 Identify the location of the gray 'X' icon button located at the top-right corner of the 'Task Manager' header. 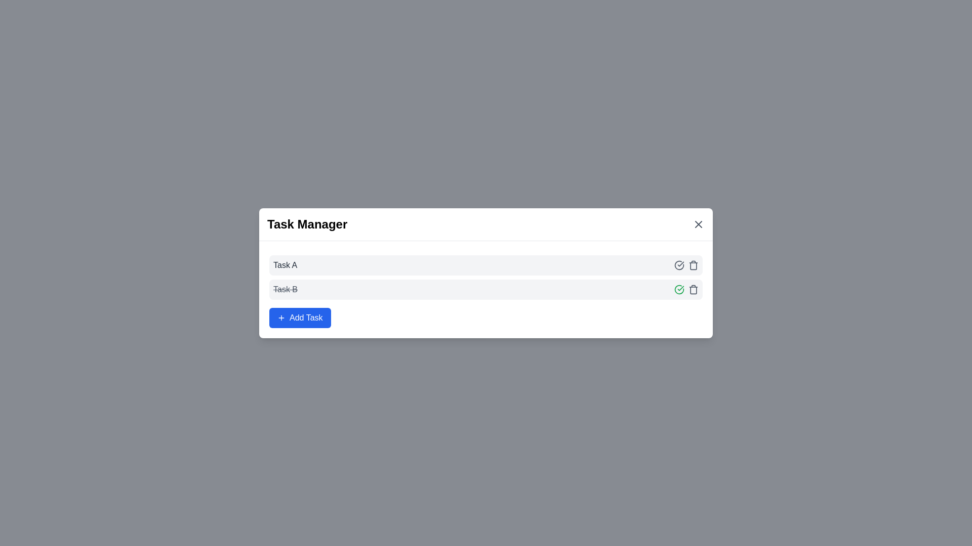
(698, 223).